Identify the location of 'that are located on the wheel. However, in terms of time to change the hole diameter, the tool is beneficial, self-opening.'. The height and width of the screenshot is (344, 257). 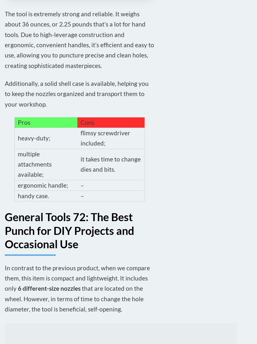
(74, 298).